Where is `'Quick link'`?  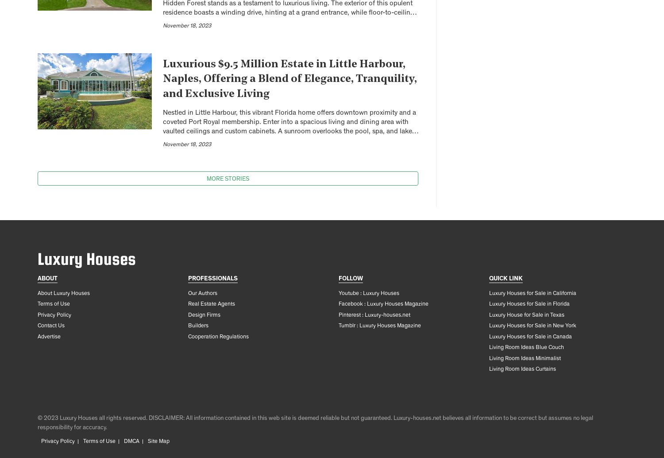 'Quick link' is located at coordinates (489, 278).